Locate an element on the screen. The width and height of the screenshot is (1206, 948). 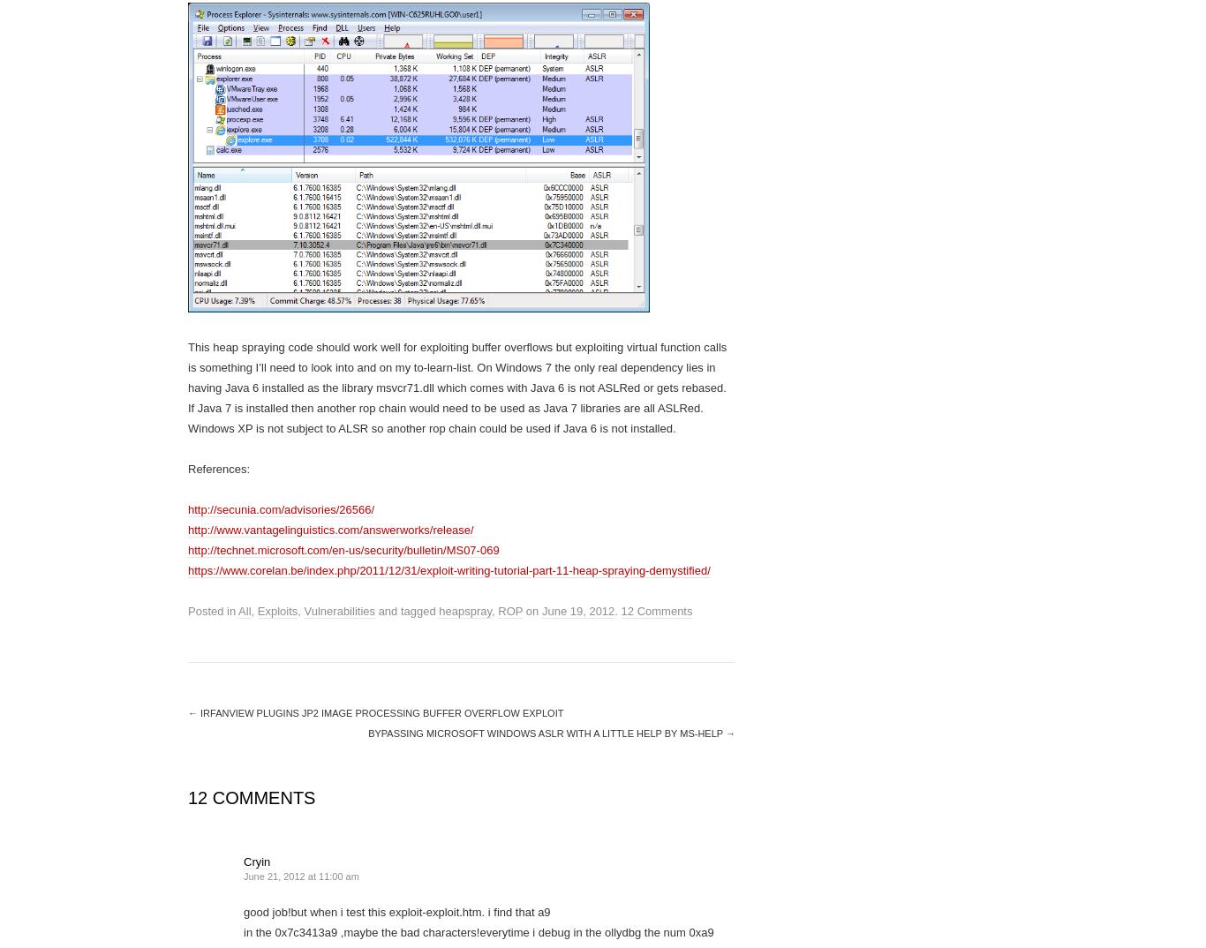
'http://secunia.com/advisories/26566/' is located at coordinates (281, 508).